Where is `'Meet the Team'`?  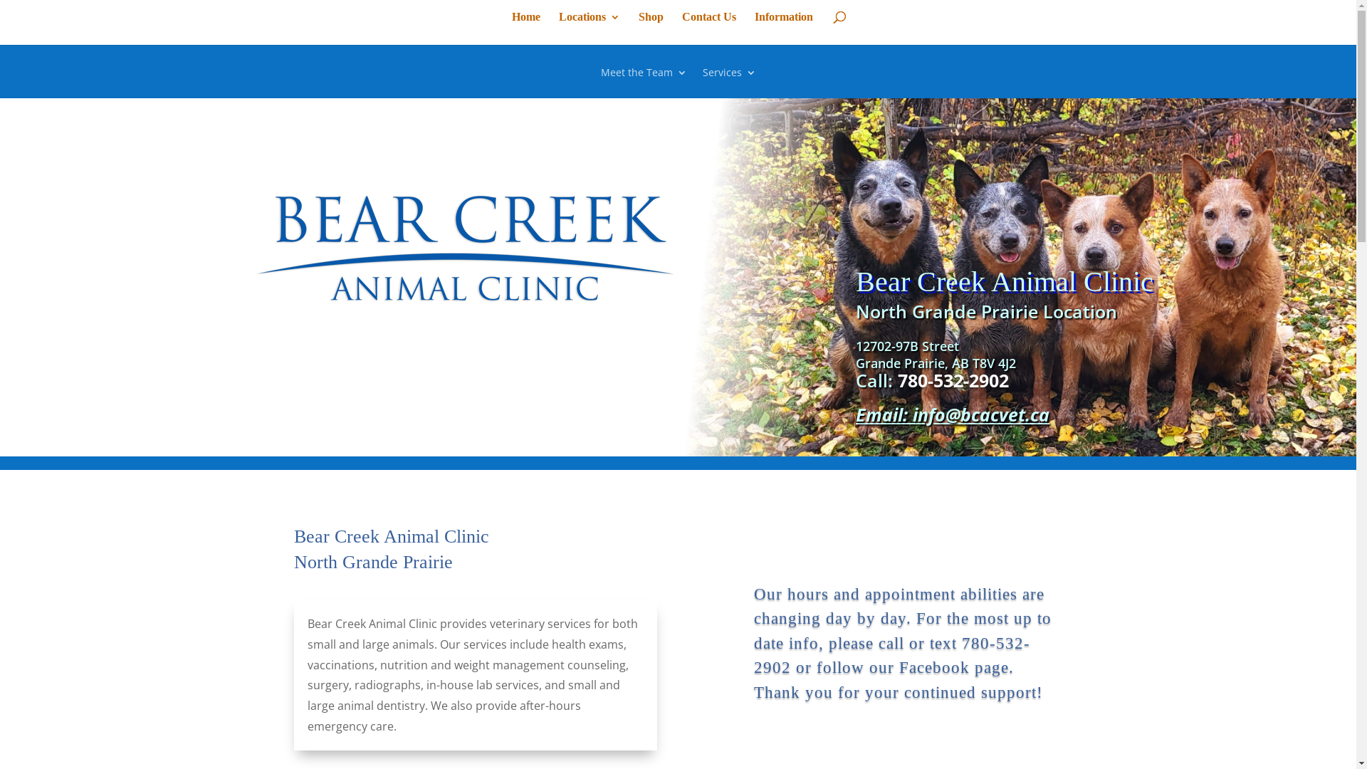
'Meet the Team' is located at coordinates (643, 83).